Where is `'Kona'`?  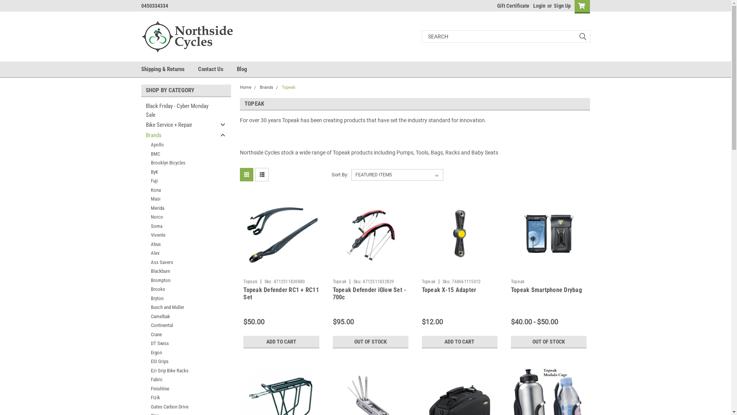
'Kona' is located at coordinates (179, 189).